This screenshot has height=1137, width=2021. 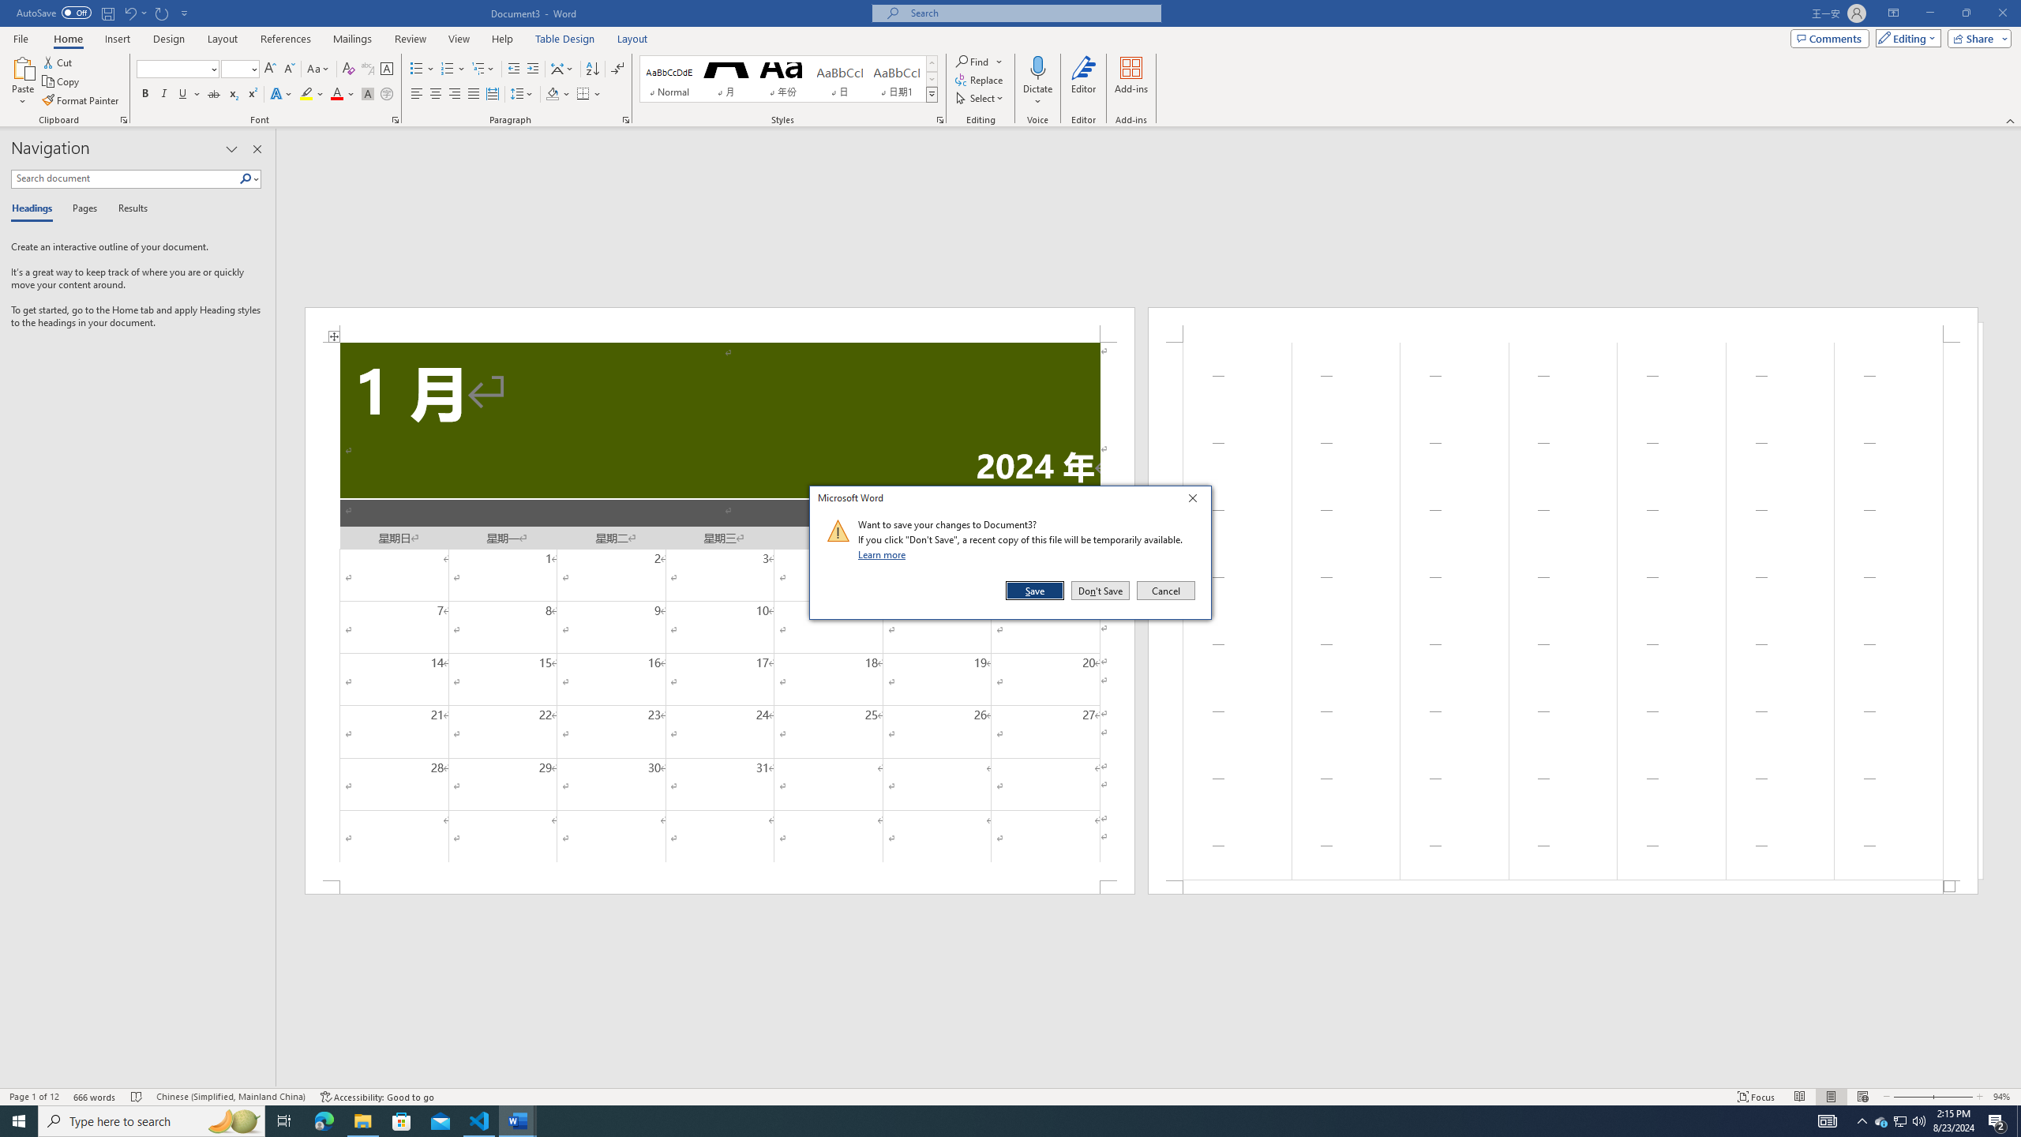 I want to click on 'Character Shading', so click(x=366, y=93).